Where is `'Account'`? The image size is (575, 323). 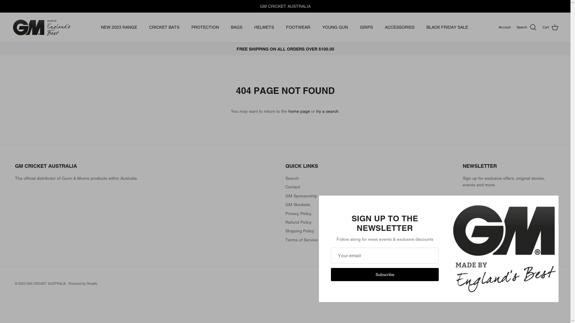 'Account' is located at coordinates (504, 28).